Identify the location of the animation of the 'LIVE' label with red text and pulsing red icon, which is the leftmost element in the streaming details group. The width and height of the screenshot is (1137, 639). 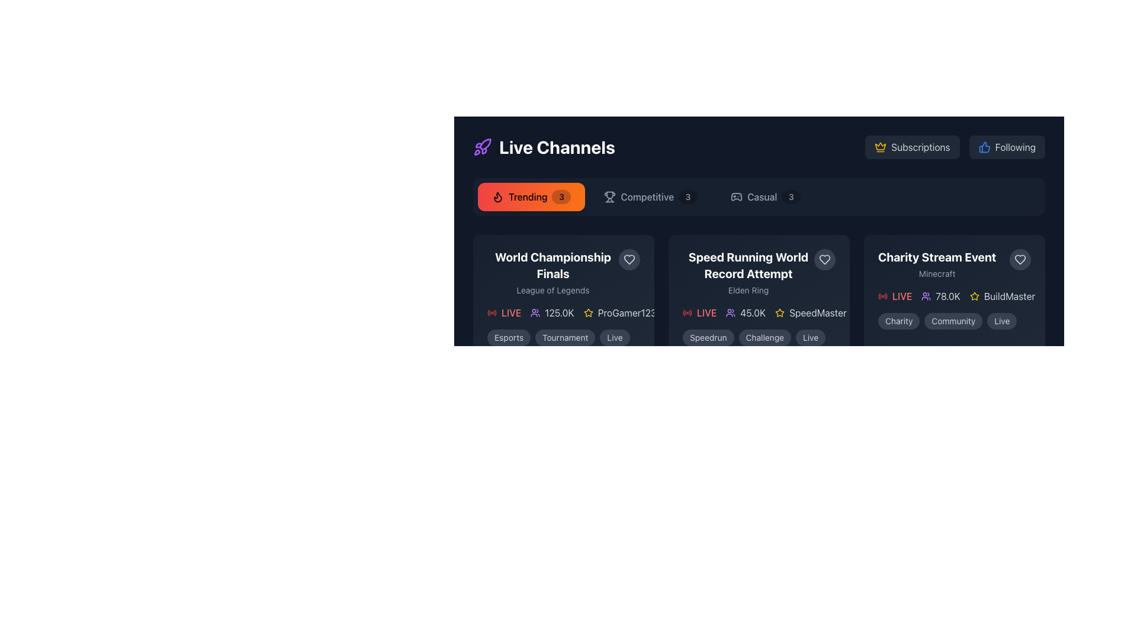
(504, 312).